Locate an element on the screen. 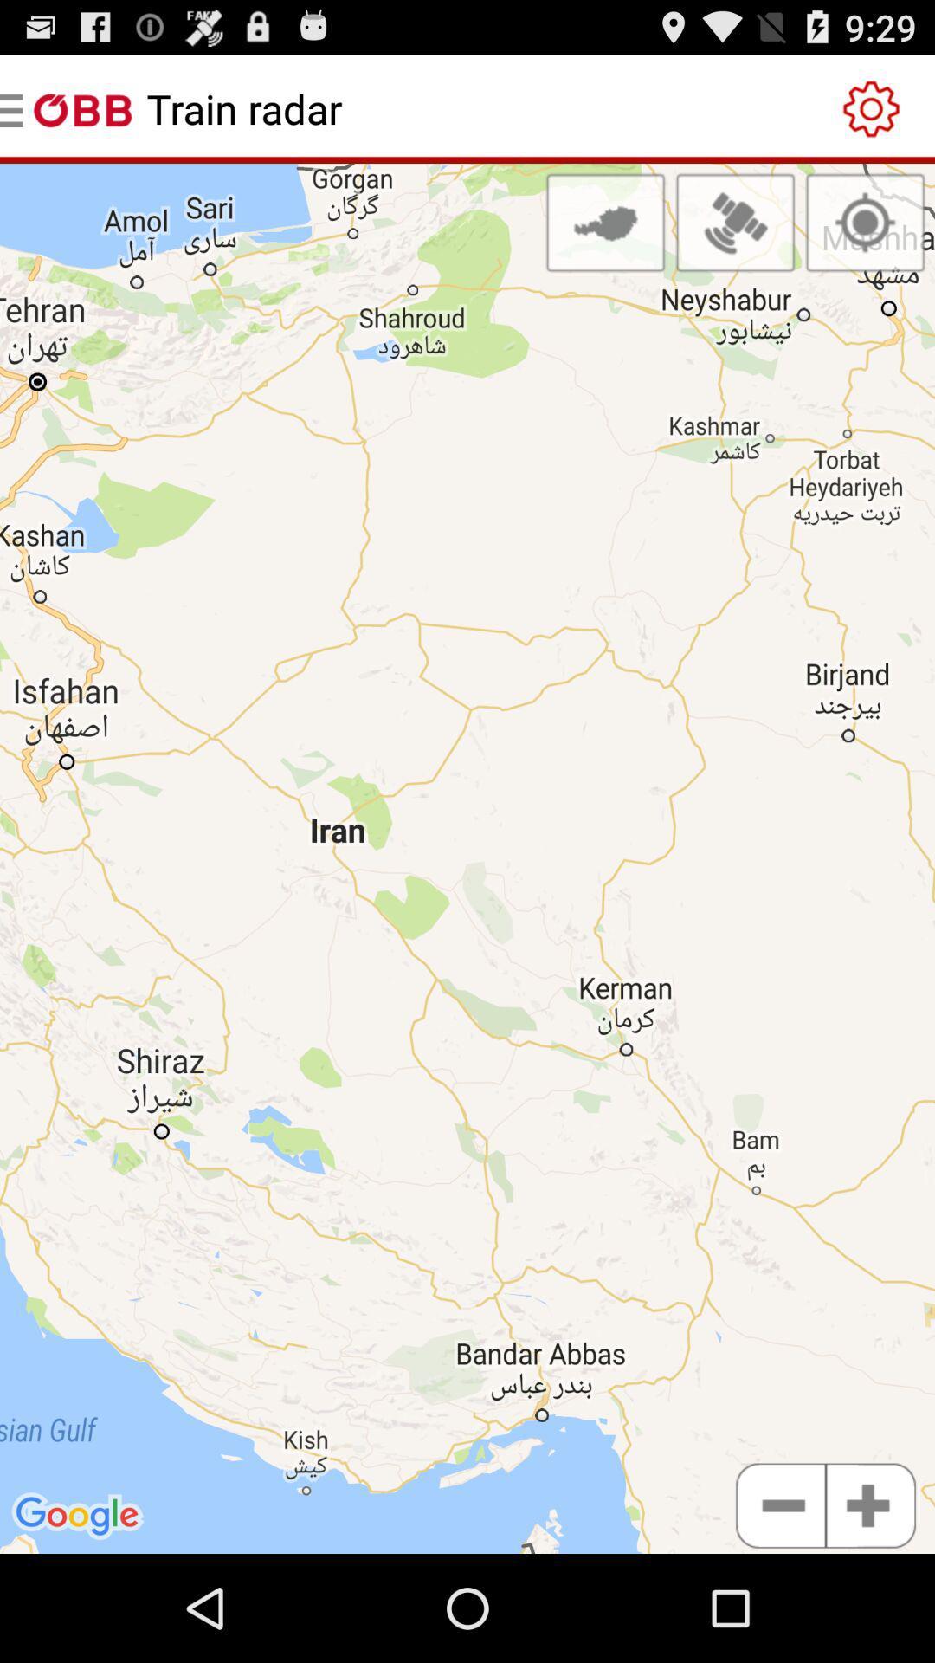  the location_crosshair icon is located at coordinates (865, 237).